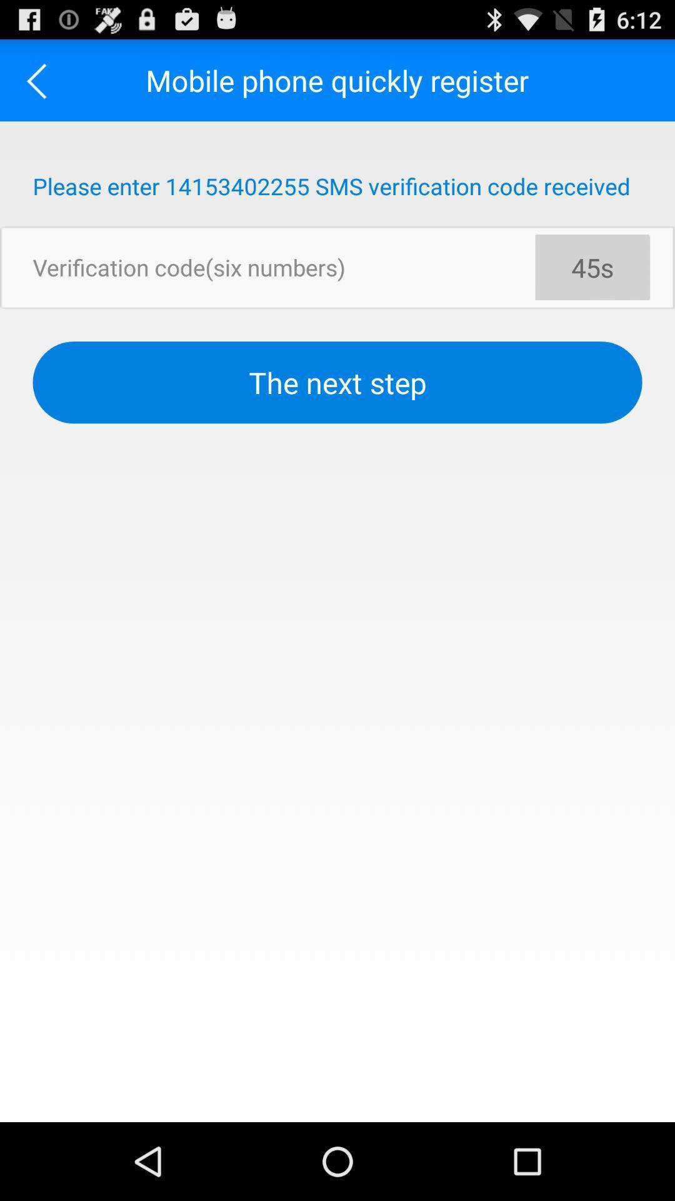 The height and width of the screenshot is (1201, 675). Describe the element at coordinates (40, 85) in the screenshot. I see `the arrow_backward icon` at that location.